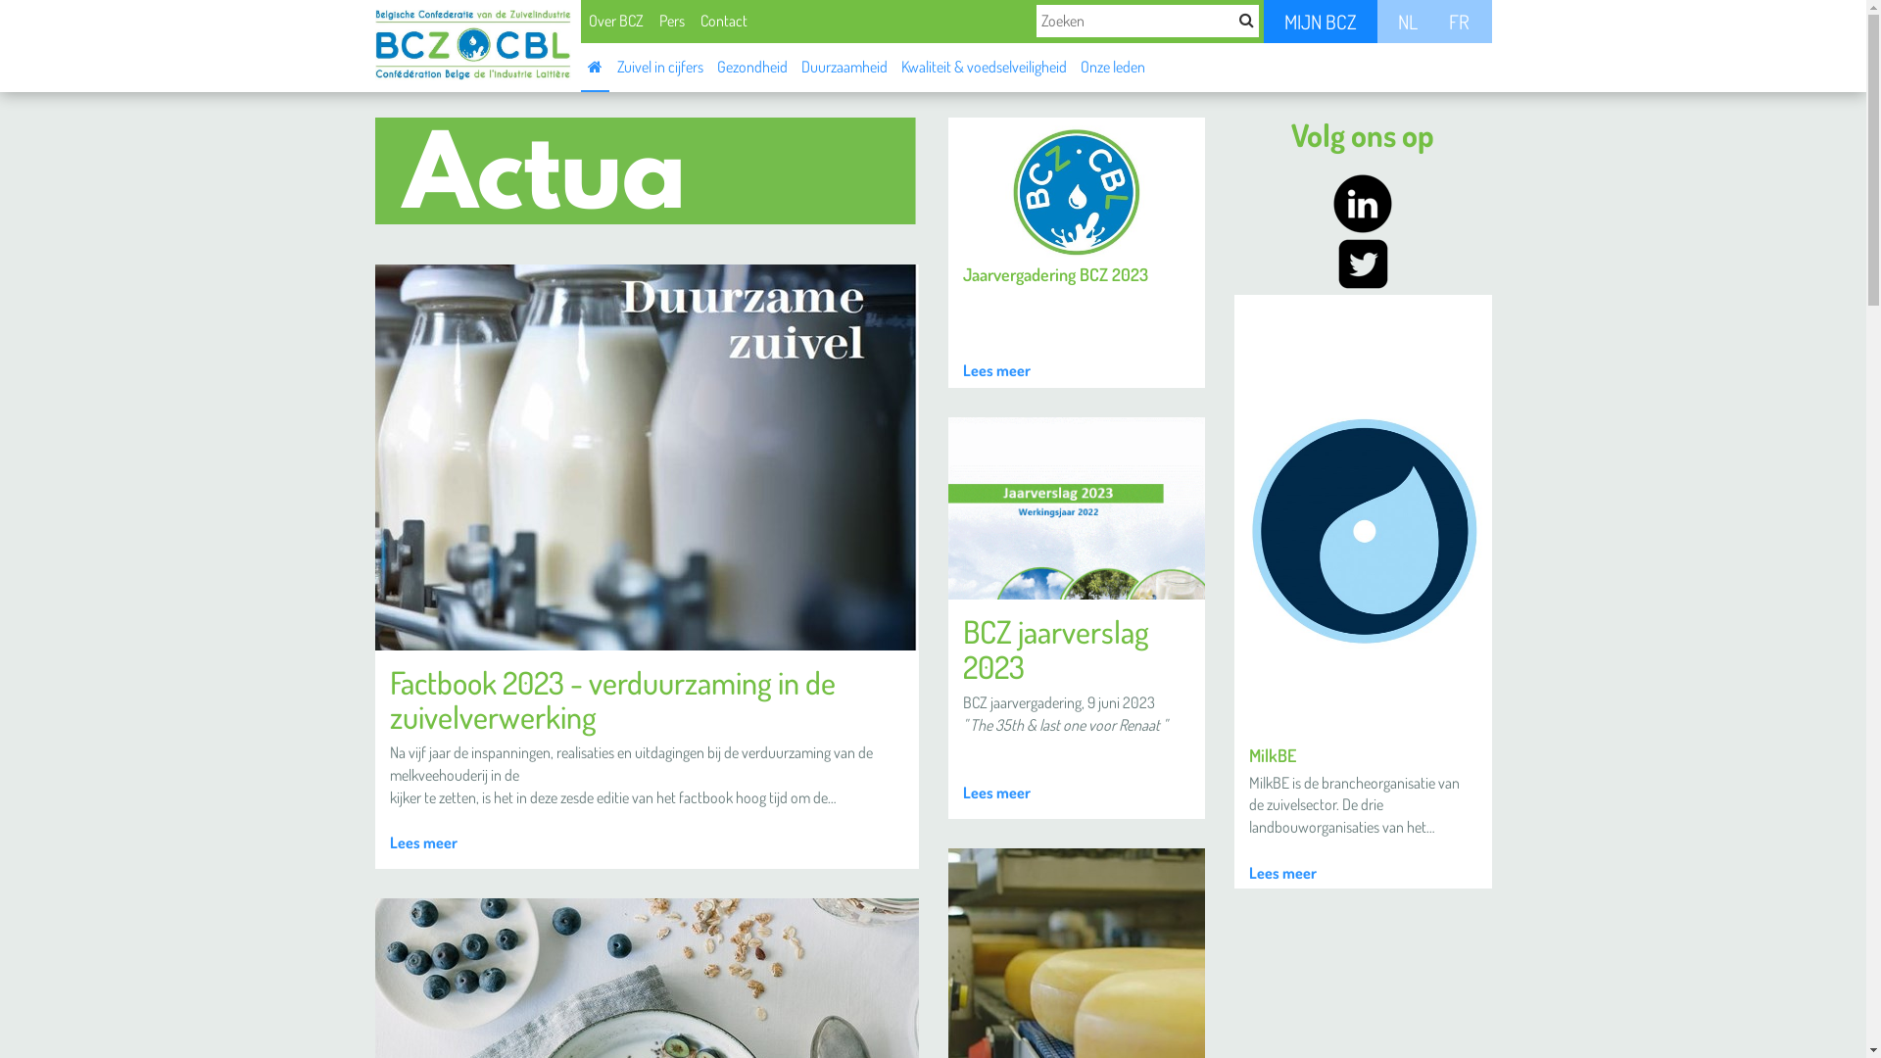 The height and width of the screenshot is (1058, 1881). I want to click on 'Gezondheid', so click(708, 64).